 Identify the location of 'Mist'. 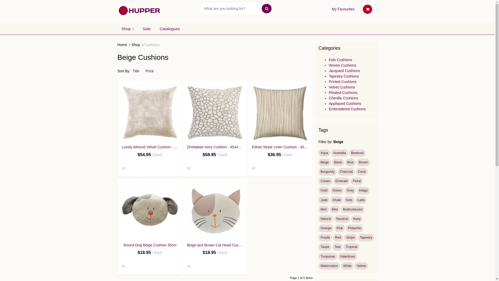
(329, 209).